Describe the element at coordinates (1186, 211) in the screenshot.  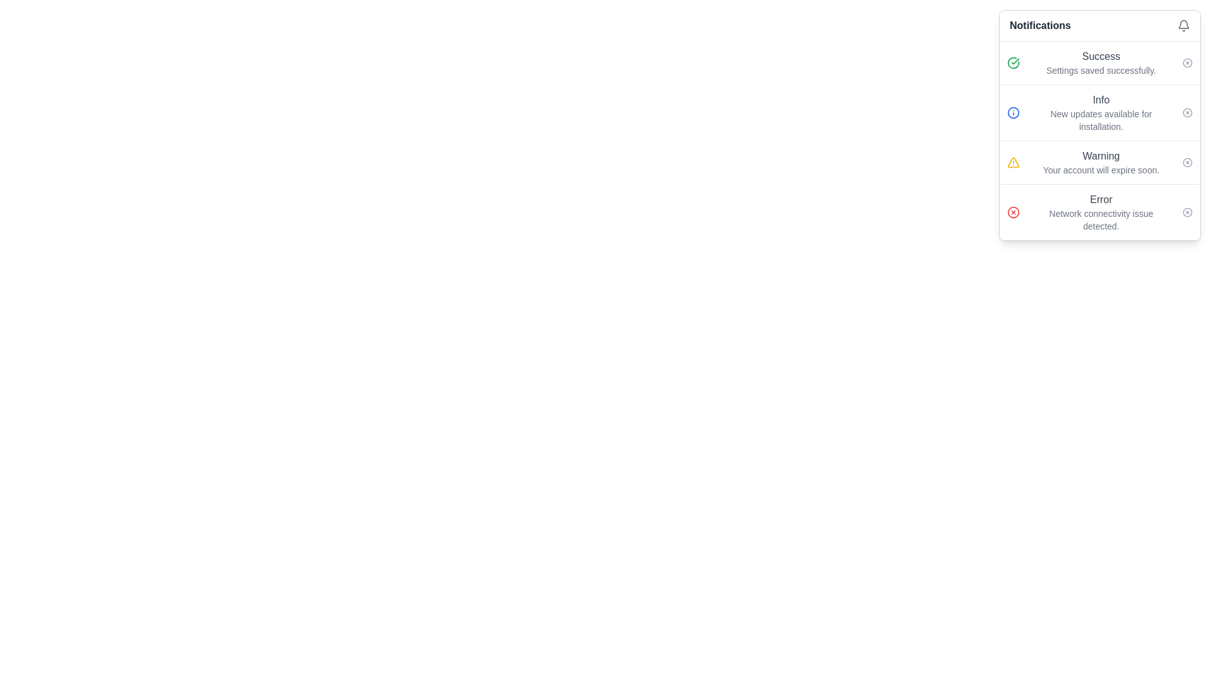
I see `the Circle in the bottom-right corner of the notification card within the SVG graphic, which signifies an action or status related to dismissal or closing` at that location.